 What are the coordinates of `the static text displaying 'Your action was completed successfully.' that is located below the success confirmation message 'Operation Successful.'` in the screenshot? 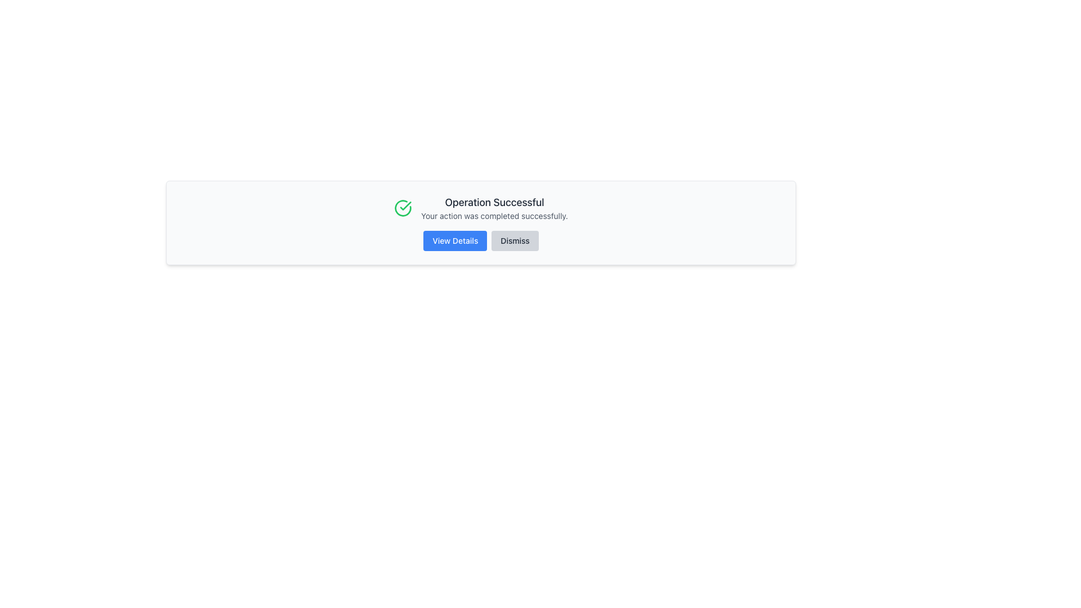 It's located at (494, 216).